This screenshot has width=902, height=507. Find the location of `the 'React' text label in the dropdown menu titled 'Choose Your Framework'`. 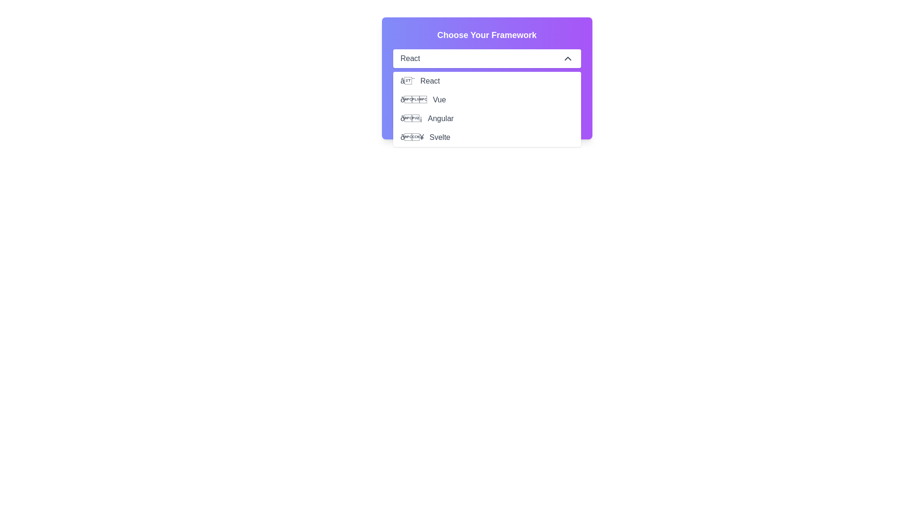

the 'React' text label in the dropdown menu titled 'Choose Your Framework' is located at coordinates (410, 58).